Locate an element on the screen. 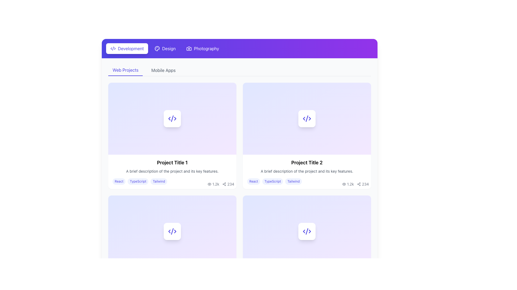 Image resolution: width=517 pixels, height=290 pixels. the indigo code-related SVG icon within the white rounded square background located in the bottom section of the card below 'Project Title 1' is located at coordinates (172, 231).